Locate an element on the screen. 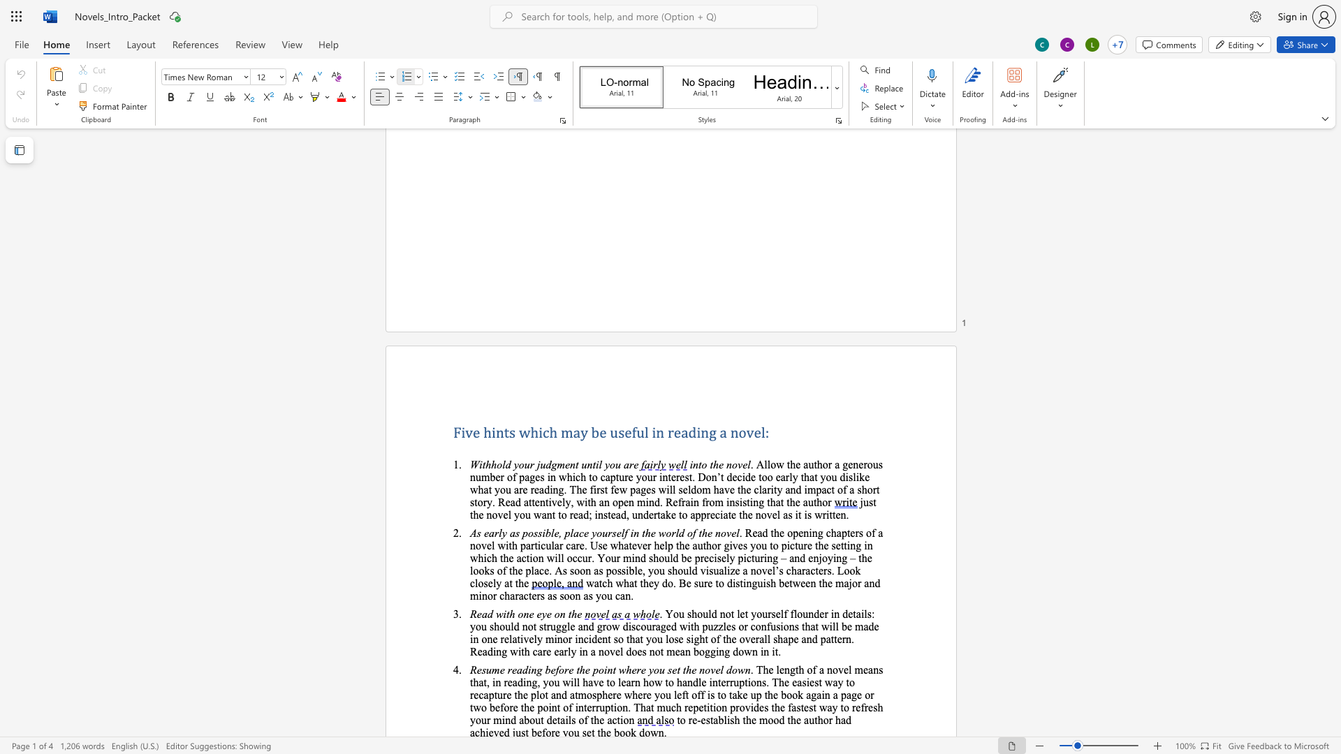 This screenshot has height=754, width=1341. the space between the continuous character "y" and "o" in the text is located at coordinates (650, 639).